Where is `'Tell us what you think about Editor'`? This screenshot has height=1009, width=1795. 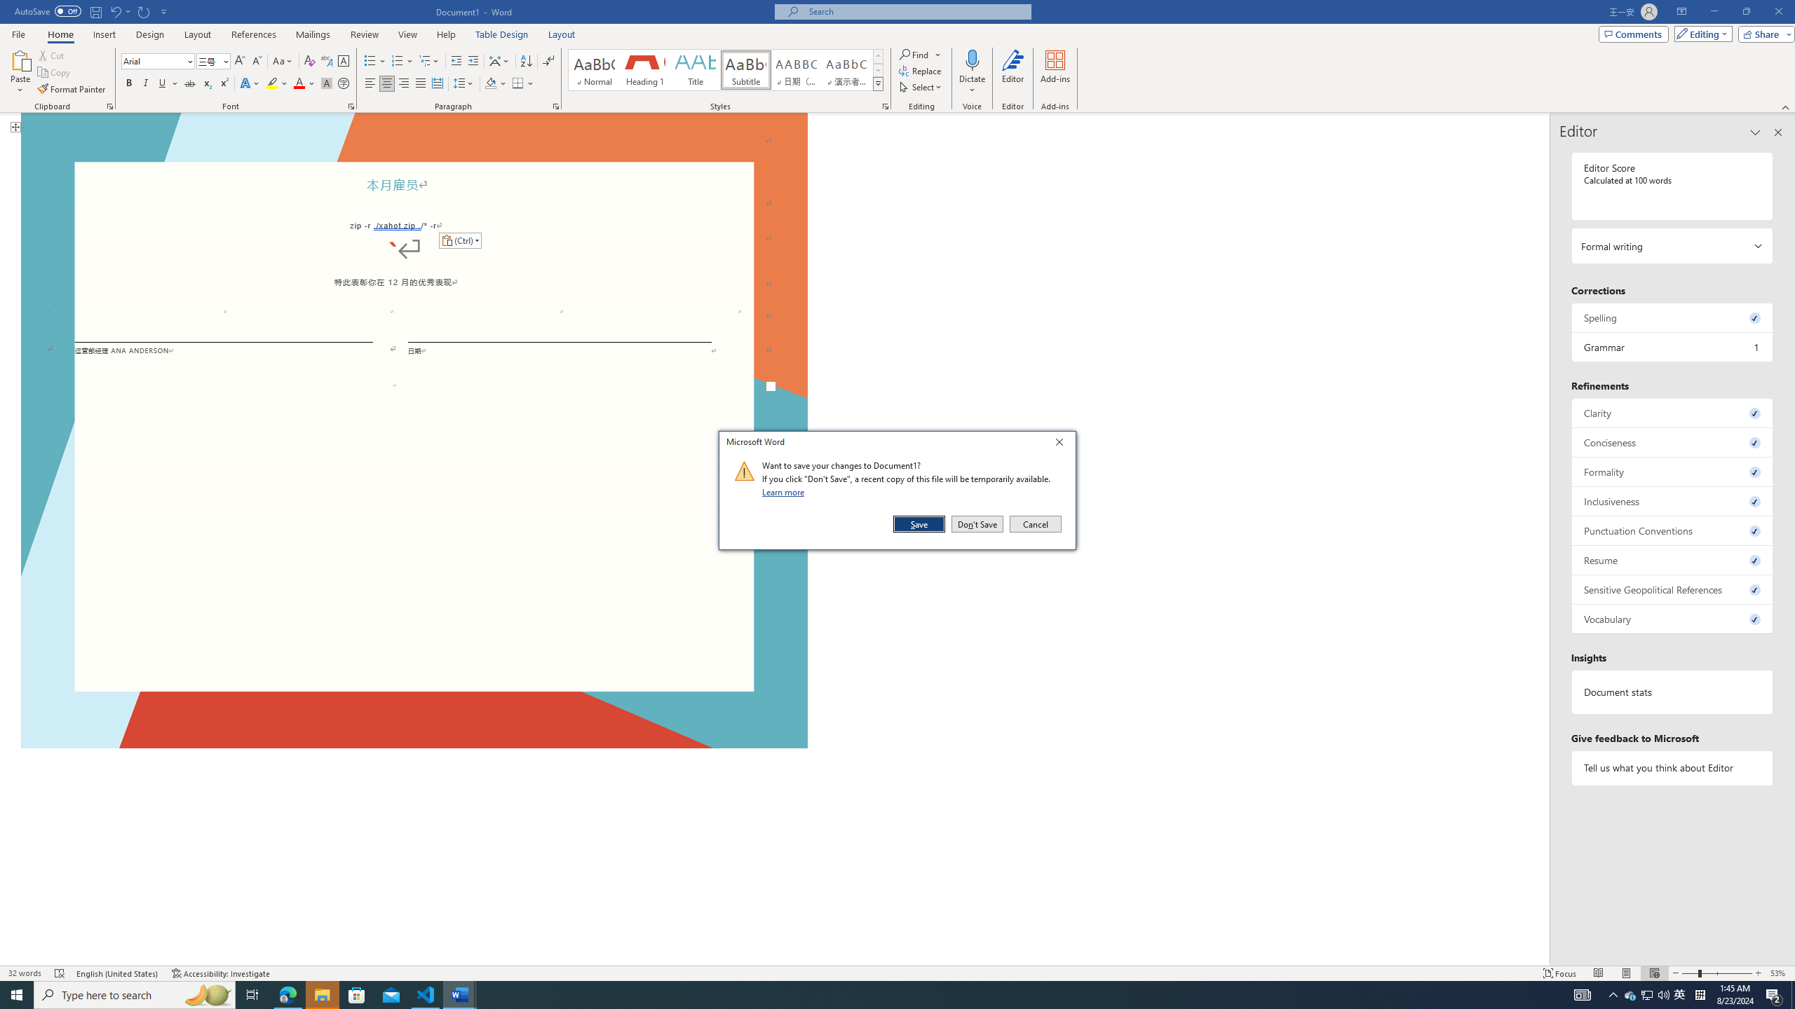
'Tell us what you think about Editor' is located at coordinates (1672, 767).